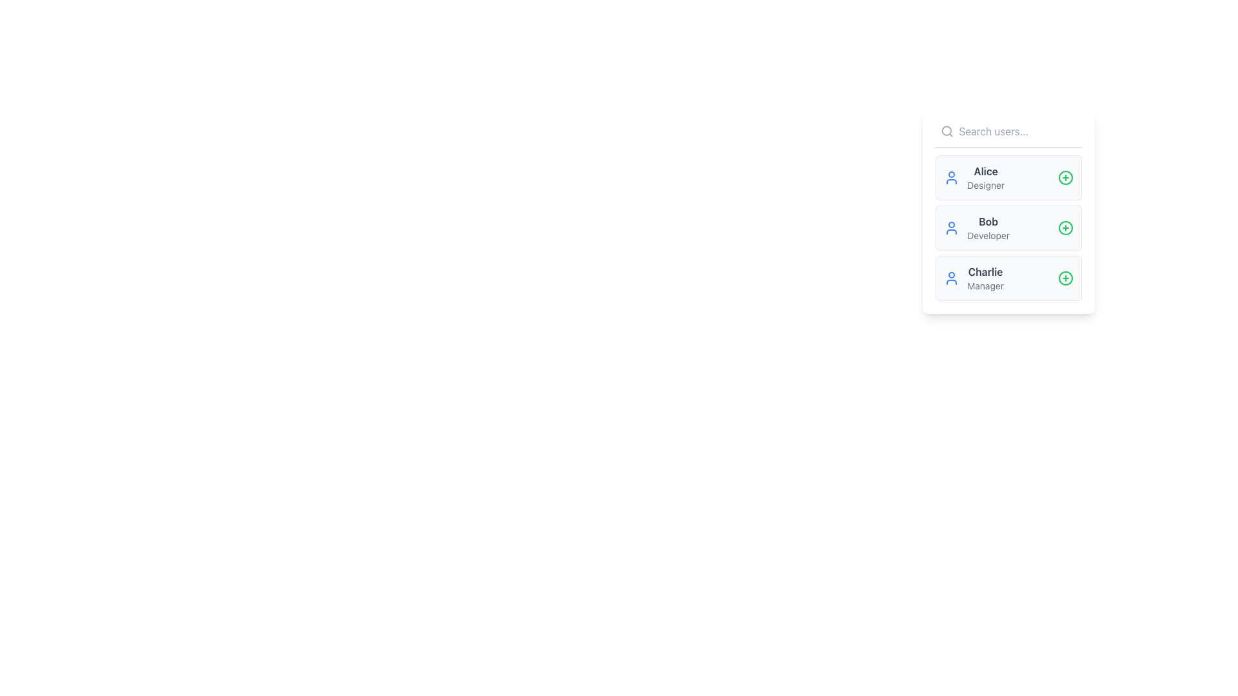 This screenshot has width=1238, height=696. What do you see at coordinates (1008, 227) in the screenshot?
I see `the user profile entry for 'Bob Developer' in the second position of the vertical list` at bounding box center [1008, 227].